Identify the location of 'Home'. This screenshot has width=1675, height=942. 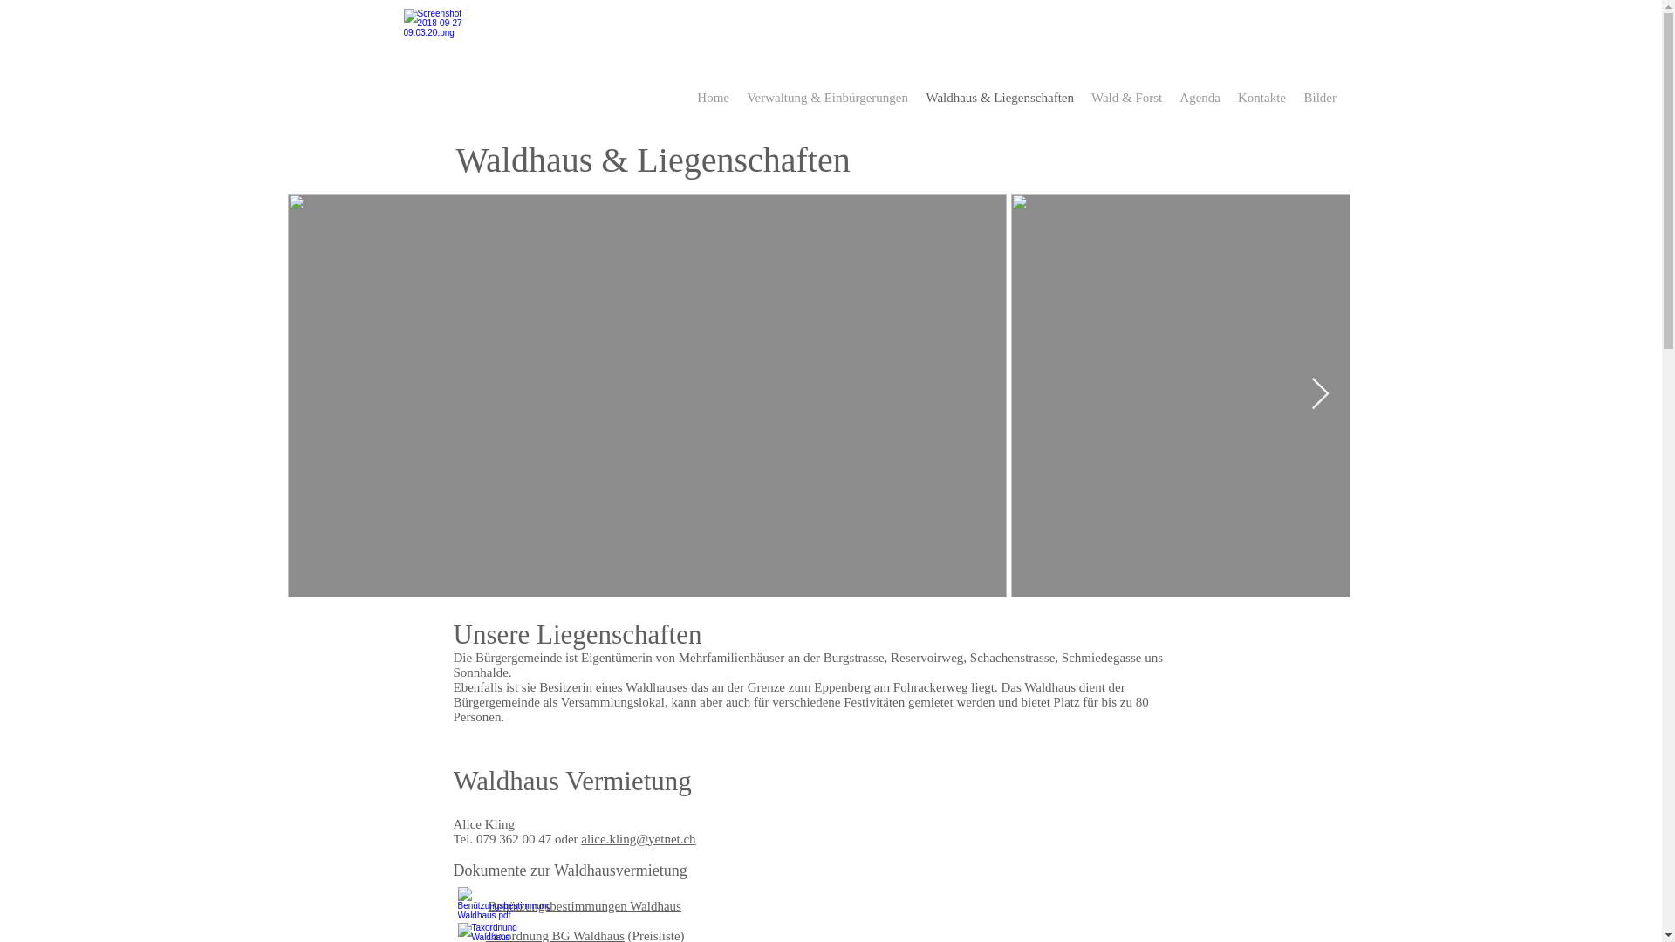
(713, 98).